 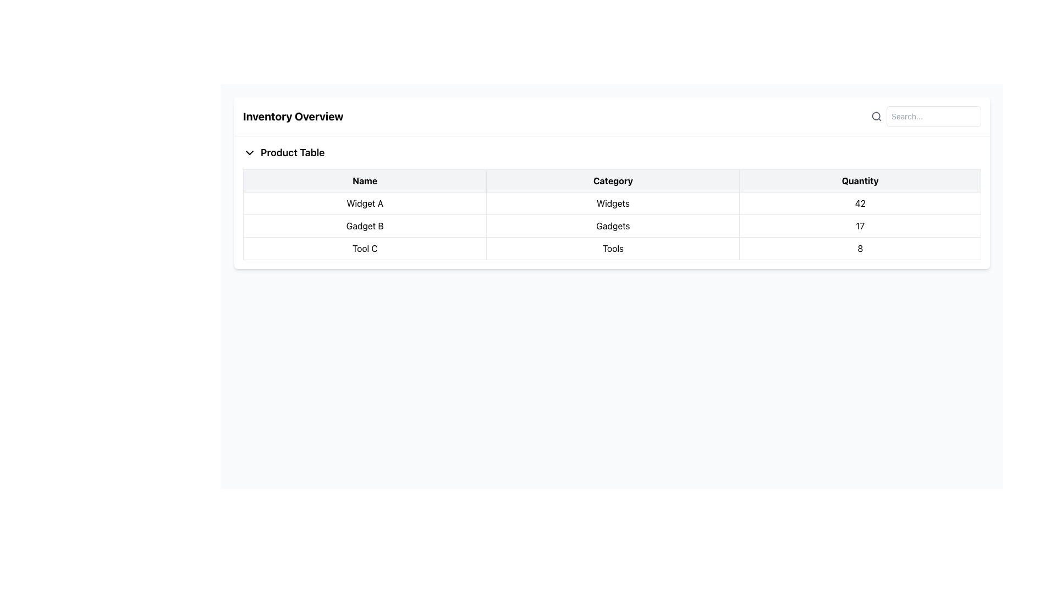 What do you see at coordinates (612, 248) in the screenshot?
I see `the third row in the table that displays item information, located beneath 'Widget AWidgets42' and 'Gadget BGadgets17'` at bounding box center [612, 248].